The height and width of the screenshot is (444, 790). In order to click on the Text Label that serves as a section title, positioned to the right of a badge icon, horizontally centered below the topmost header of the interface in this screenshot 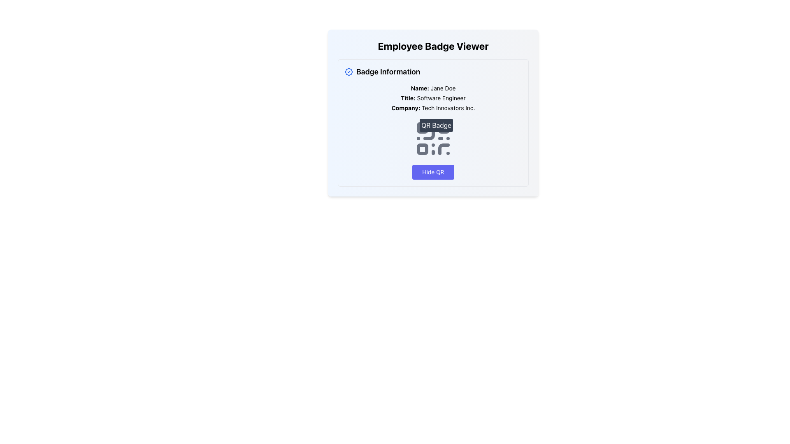, I will do `click(388, 71)`.